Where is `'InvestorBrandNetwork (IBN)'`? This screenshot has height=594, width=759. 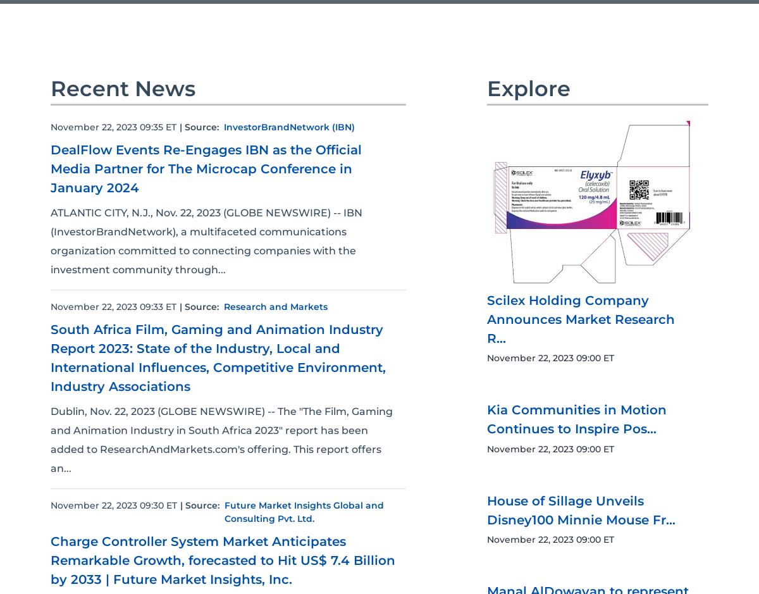 'InvestorBrandNetwork (IBN)' is located at coordinates (288, 126).